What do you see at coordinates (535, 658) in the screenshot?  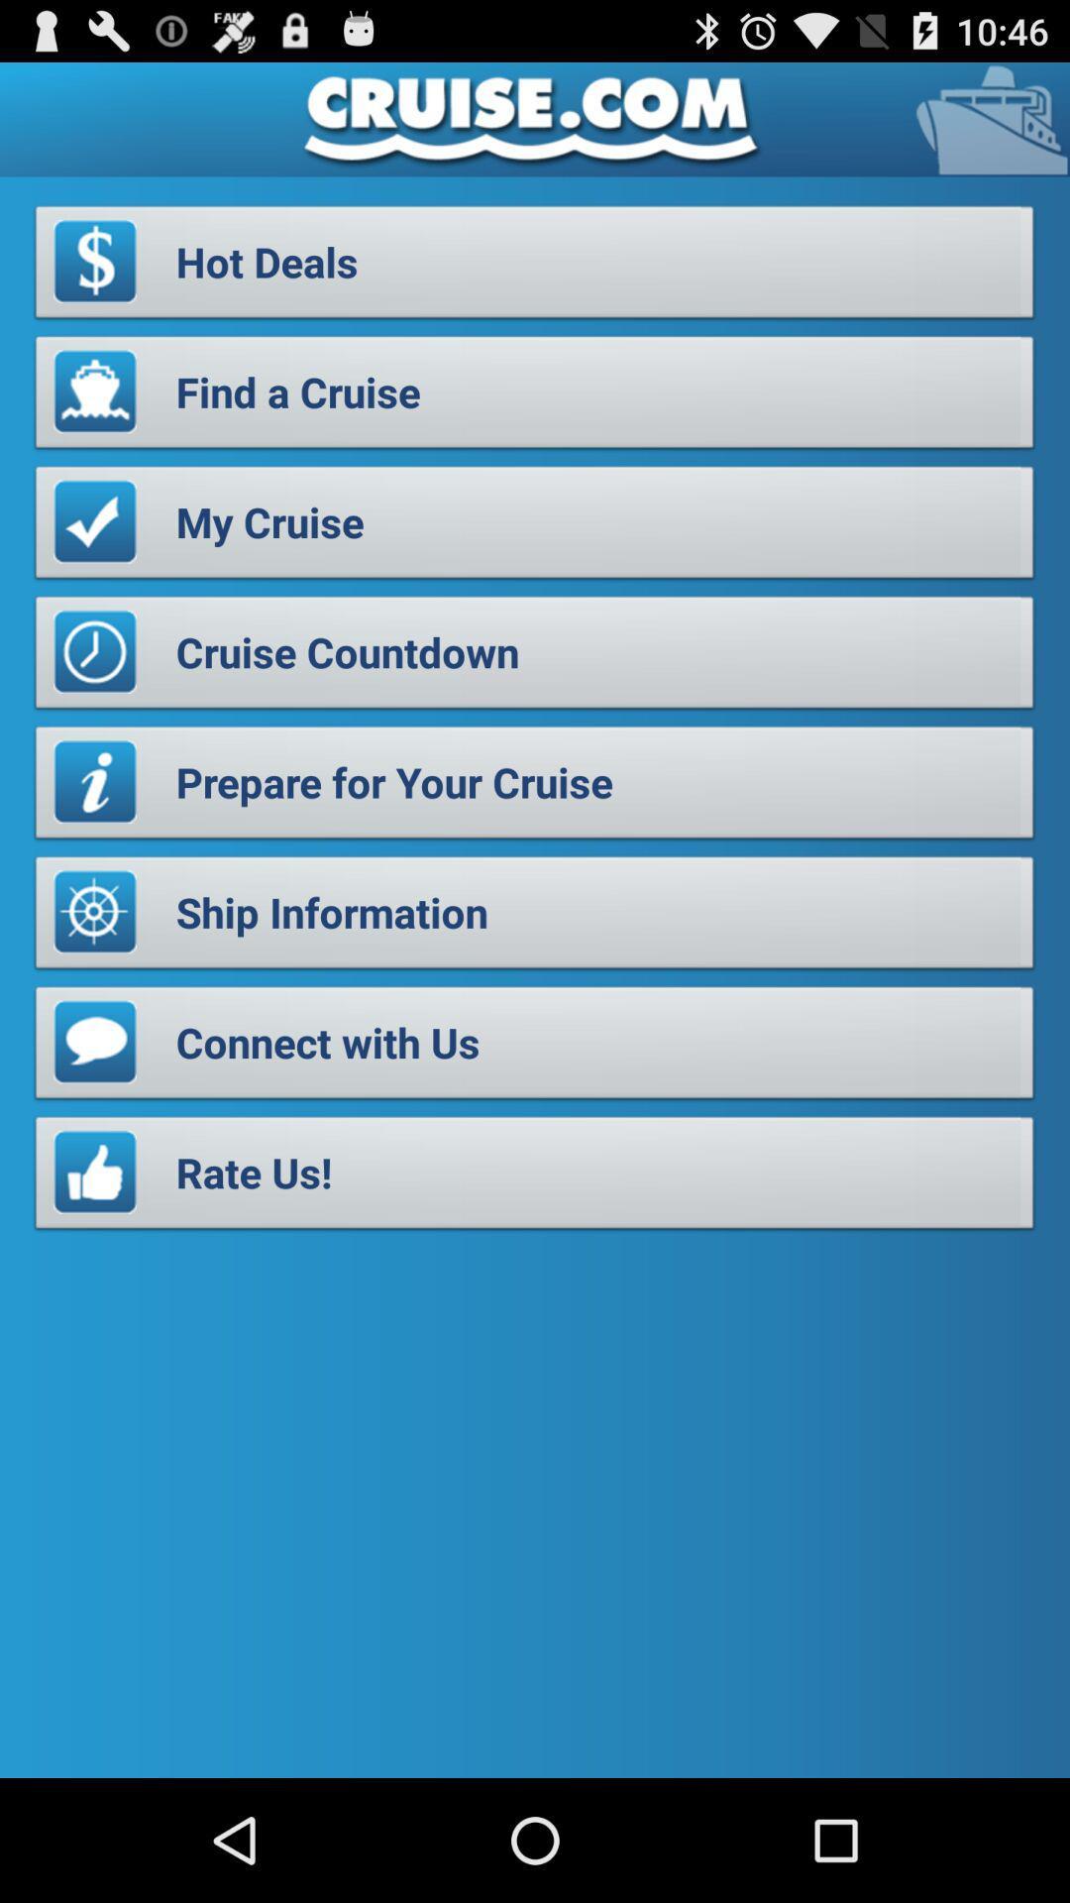 I see `the icon above the prepare for your item` at bounding box center [535, 658].